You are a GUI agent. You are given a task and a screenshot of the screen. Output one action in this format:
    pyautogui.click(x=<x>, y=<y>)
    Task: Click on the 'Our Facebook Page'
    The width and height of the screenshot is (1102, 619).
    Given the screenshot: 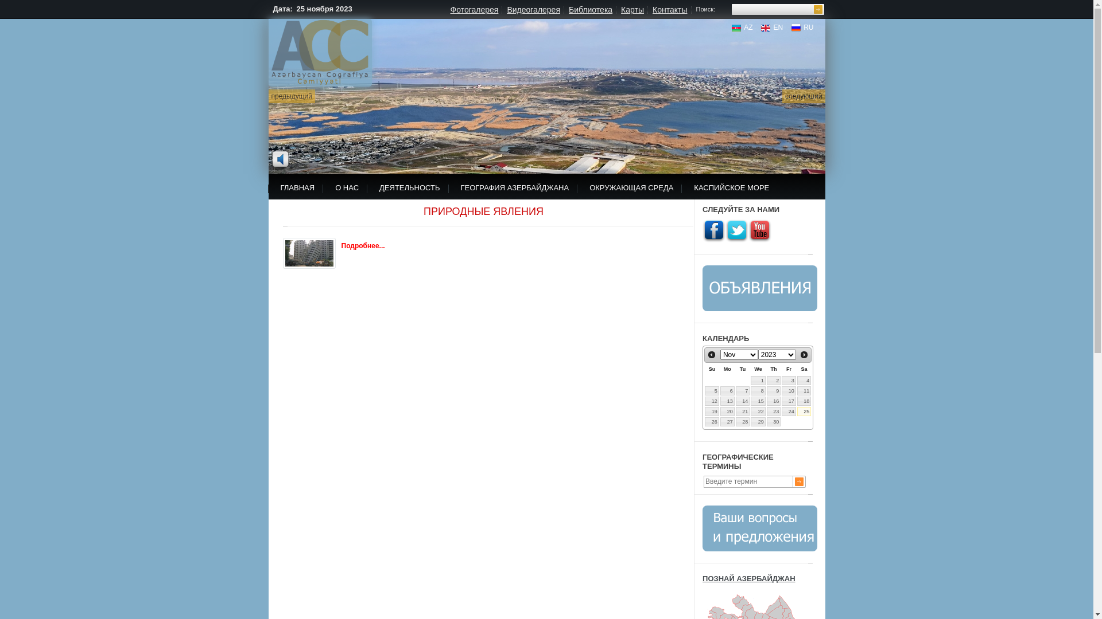 What is the action you would take?
    pyautogui.click(x=713, y=230)
    